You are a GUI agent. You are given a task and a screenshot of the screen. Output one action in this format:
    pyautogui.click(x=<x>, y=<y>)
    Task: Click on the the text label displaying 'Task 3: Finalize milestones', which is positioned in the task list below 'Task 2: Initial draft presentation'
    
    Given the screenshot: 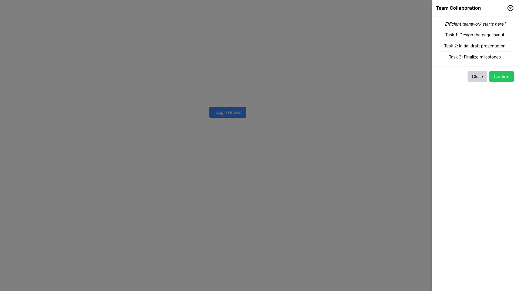 What is the action you would take?
    pyautogui.click(x=475, y=57)
    